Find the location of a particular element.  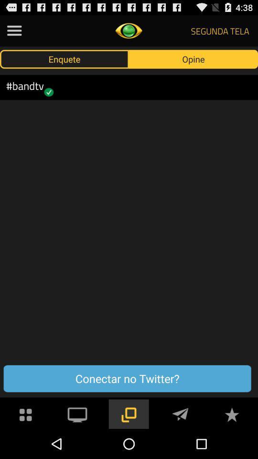

enquete icon is located at coordinates (64, 58).